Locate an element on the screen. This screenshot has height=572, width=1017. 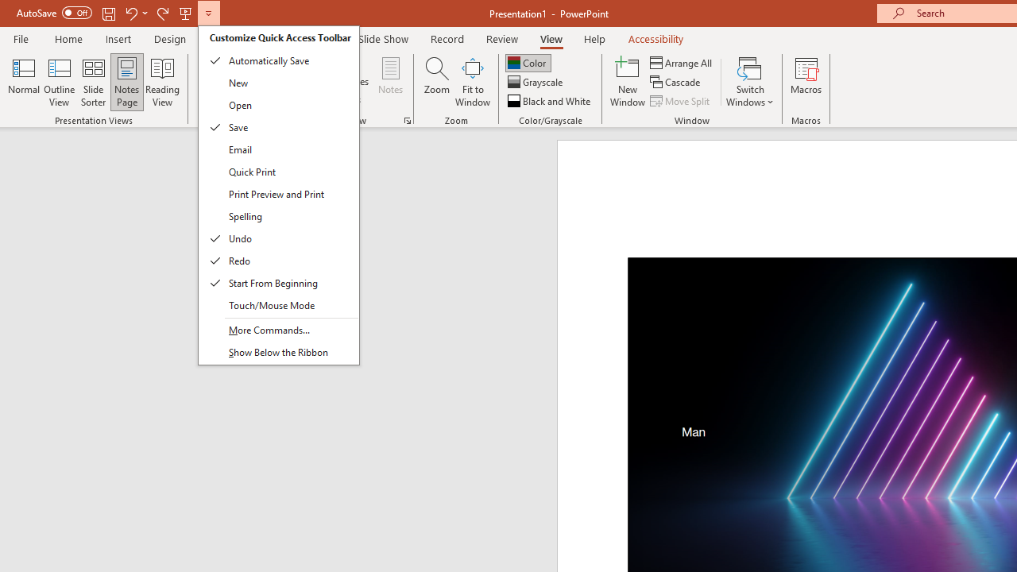
'Grid Settings...' is located at coordinates (408, 119).